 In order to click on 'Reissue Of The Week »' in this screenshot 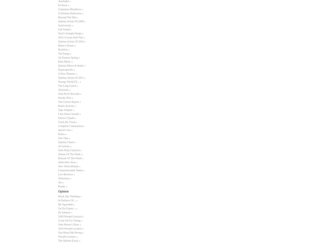, I will do `click(58, 158)`.